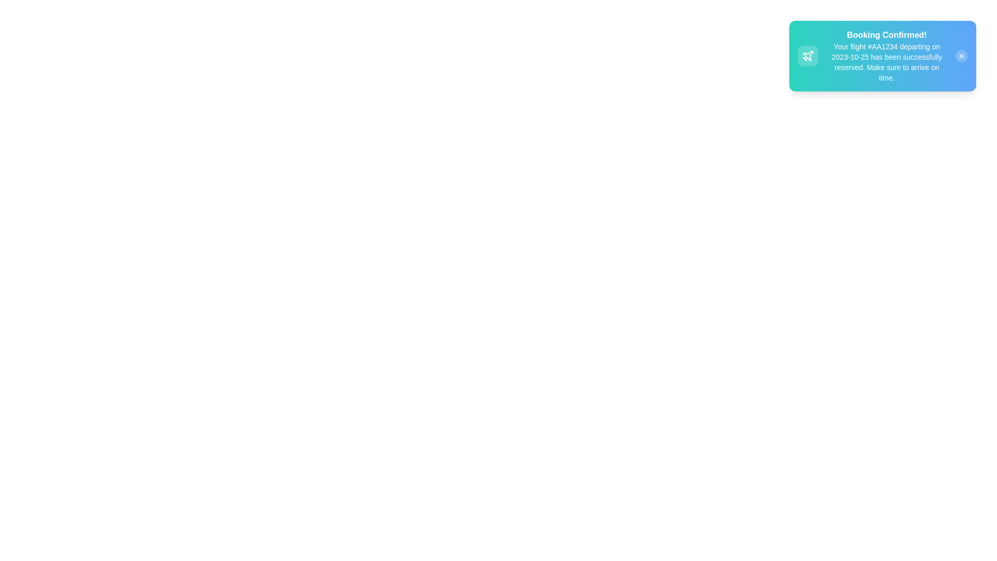  Describe the element at coordinates (886, 62) in the screenshot. I see `the text label that contains detailed information about the flight reservation, positioned below the 'Booking Confirmed!' header in the notification box` at that location.